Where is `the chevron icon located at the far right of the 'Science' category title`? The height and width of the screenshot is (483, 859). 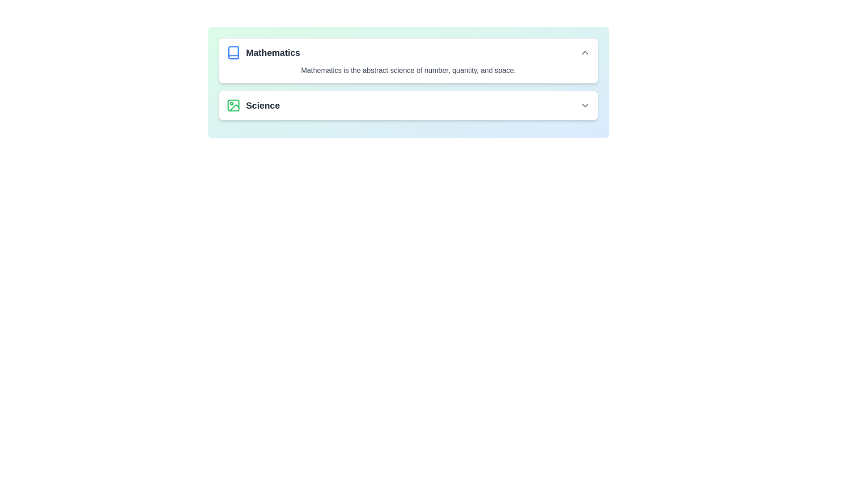 the chevron icon located at the far right of the 'Science' category title is located at coordinates (585, 105).